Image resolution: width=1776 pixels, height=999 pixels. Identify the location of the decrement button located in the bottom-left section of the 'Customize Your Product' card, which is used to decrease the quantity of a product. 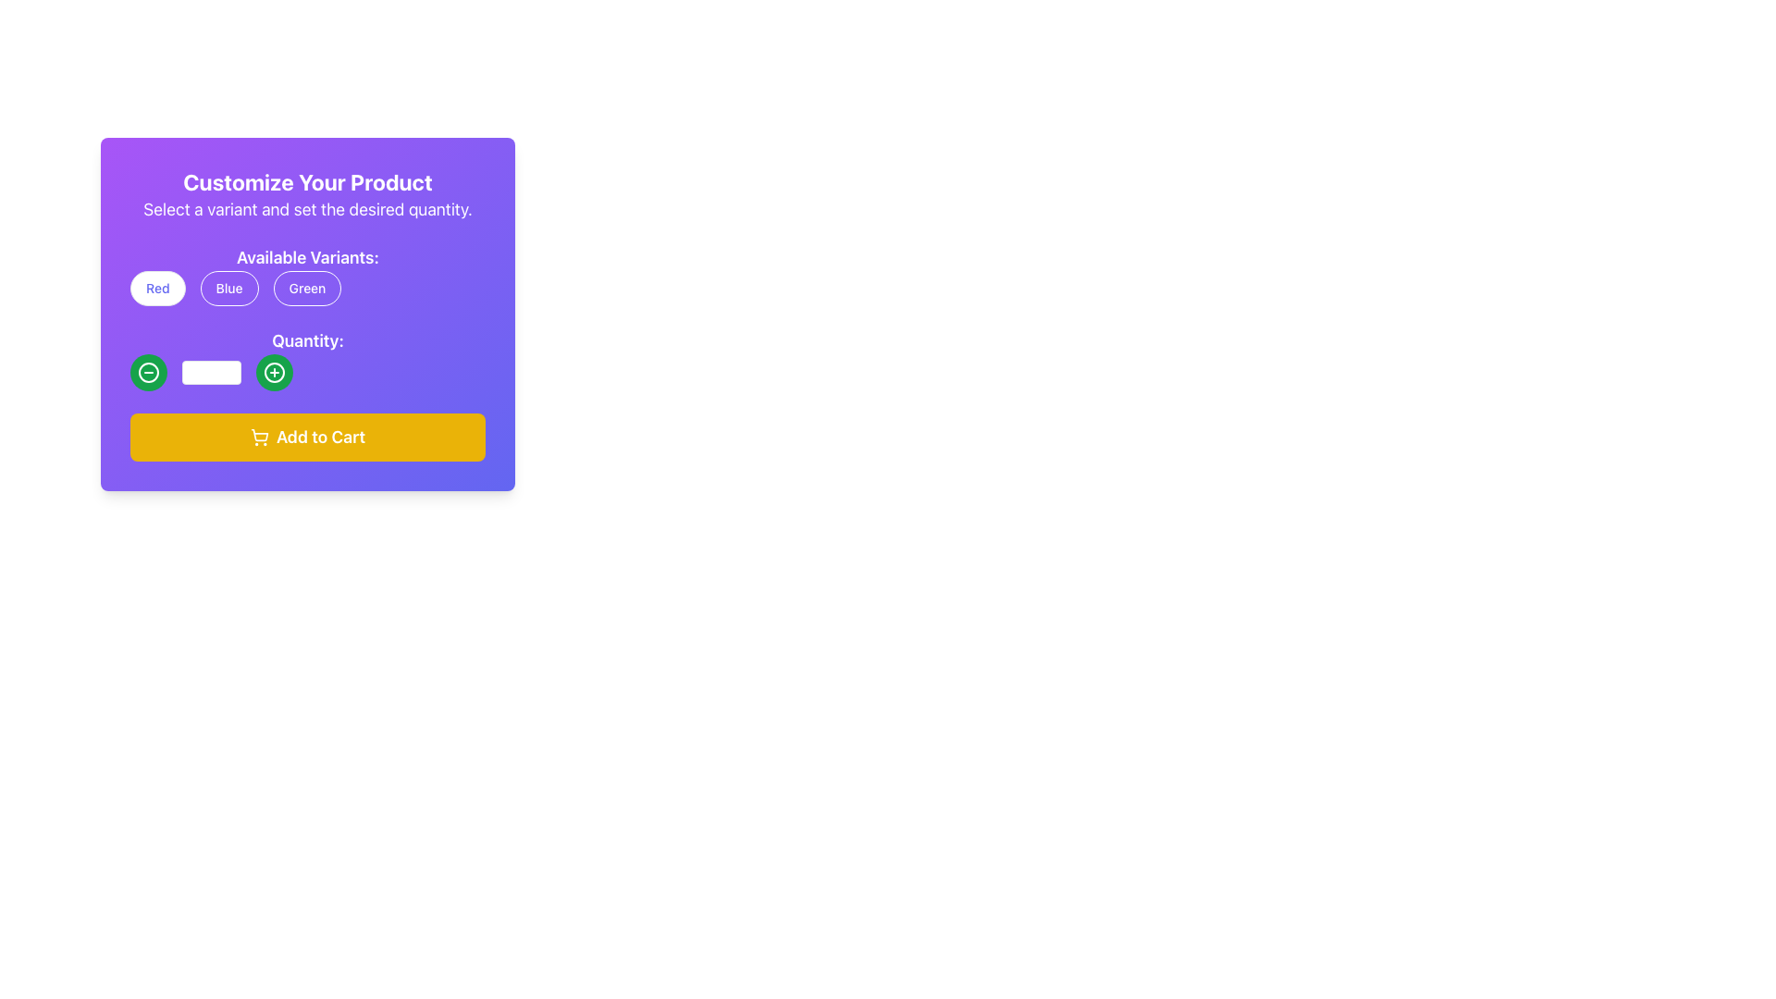
(149, 372).